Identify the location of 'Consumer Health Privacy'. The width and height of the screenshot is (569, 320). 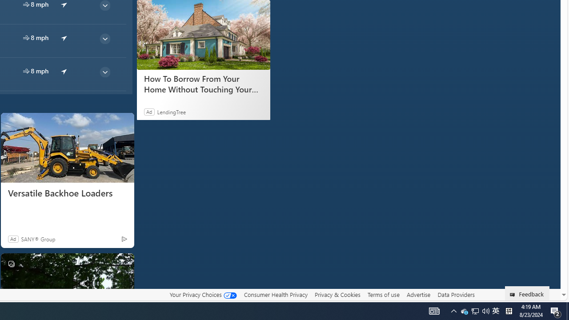
(275, 294).